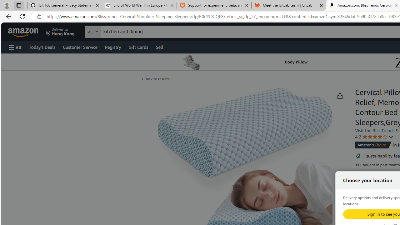 The height and width of the screenshot is (225, 400). What do you see at coordinates (24, 32) in the screenshot?
I see `'Amazon'` at bounding box center [24, 32].